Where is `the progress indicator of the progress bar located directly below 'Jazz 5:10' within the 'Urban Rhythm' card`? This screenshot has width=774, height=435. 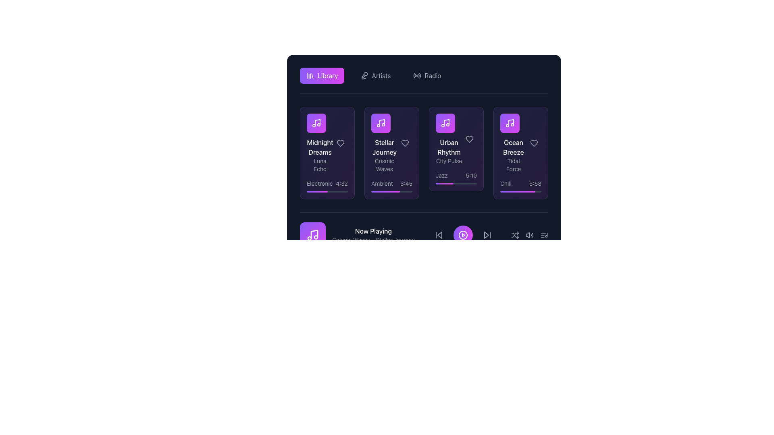
the progress indicator of the progress bar located directly below 'Jazz 5:10' within the 'Urban Rhythm' card is located at coordinates (456, 183).